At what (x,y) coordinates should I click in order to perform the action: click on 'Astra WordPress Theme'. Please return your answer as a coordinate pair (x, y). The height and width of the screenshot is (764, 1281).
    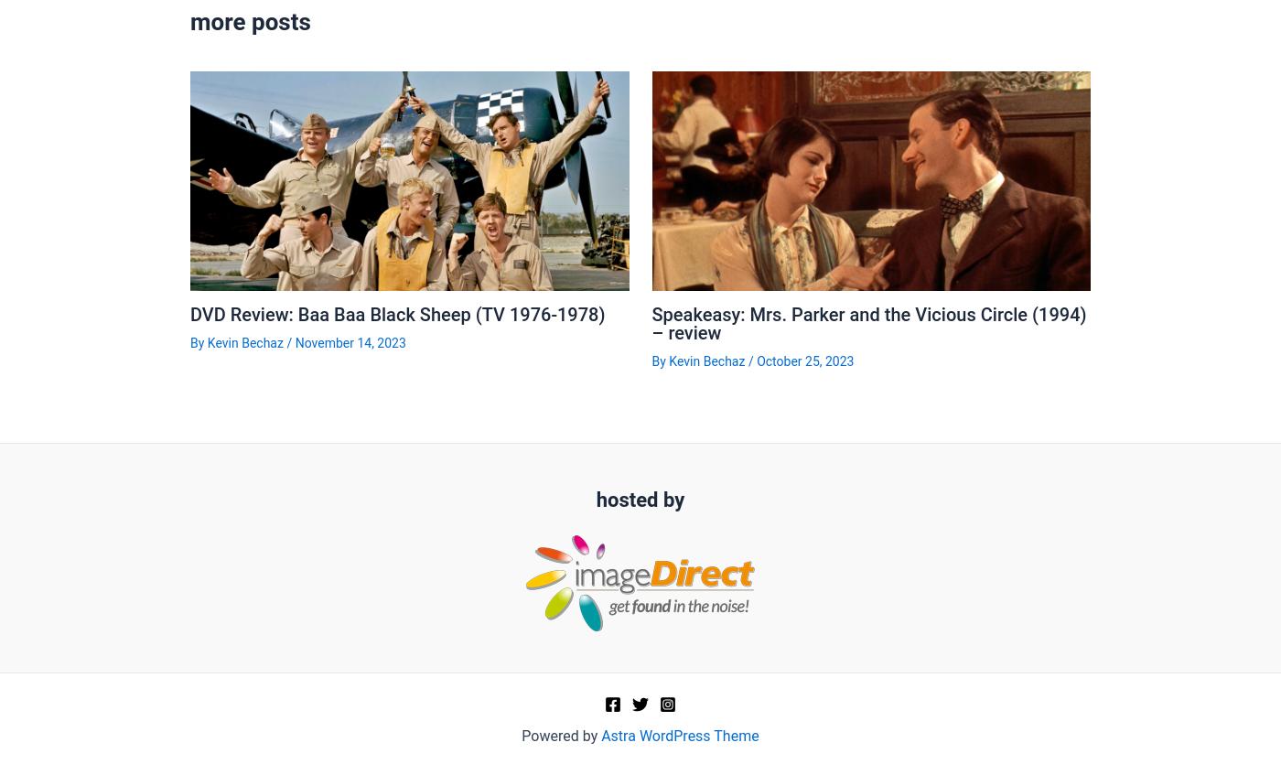
    Looking at the image, I should click on (679, 734).